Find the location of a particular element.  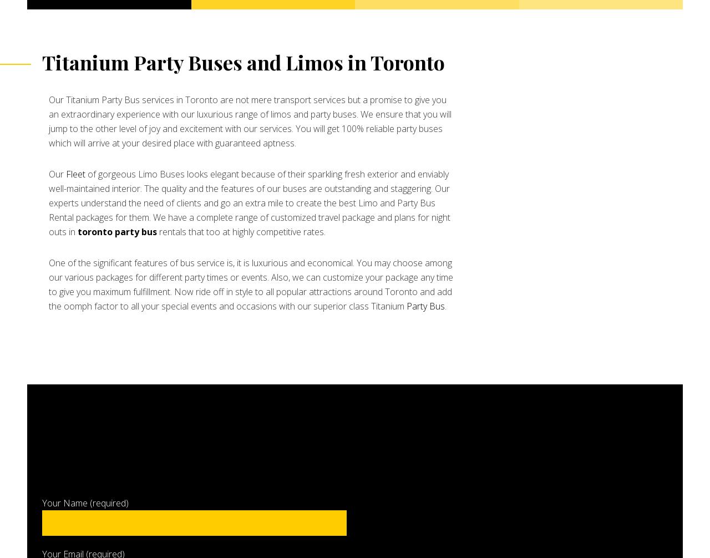

'We Make Your Dreams Real!' is located at coordinates (89, 138).